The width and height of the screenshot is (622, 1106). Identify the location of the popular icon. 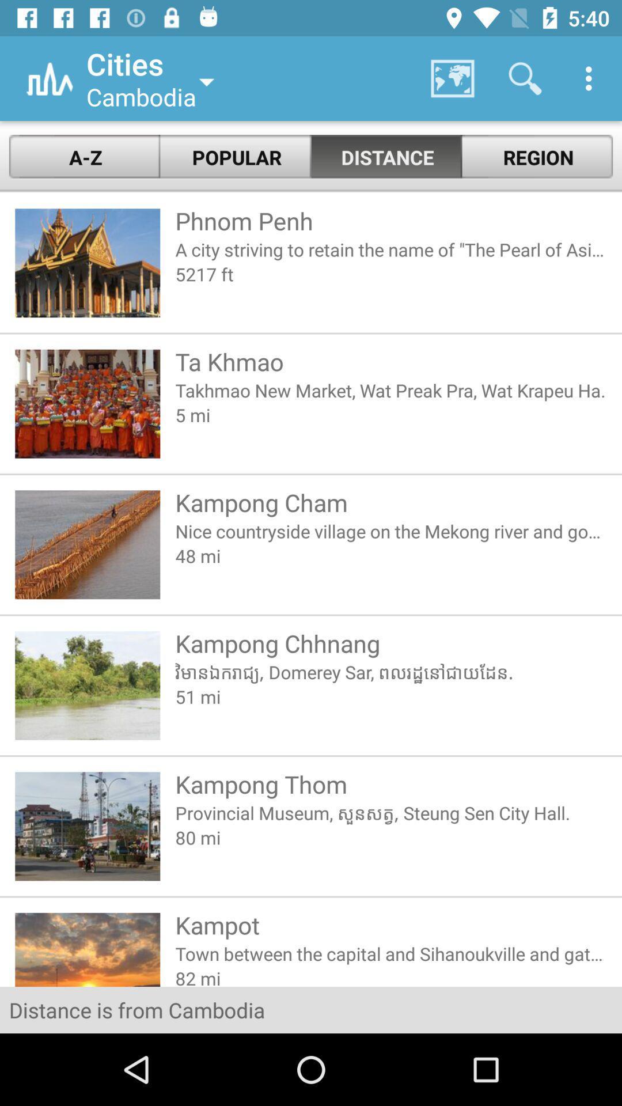
(235, 157).